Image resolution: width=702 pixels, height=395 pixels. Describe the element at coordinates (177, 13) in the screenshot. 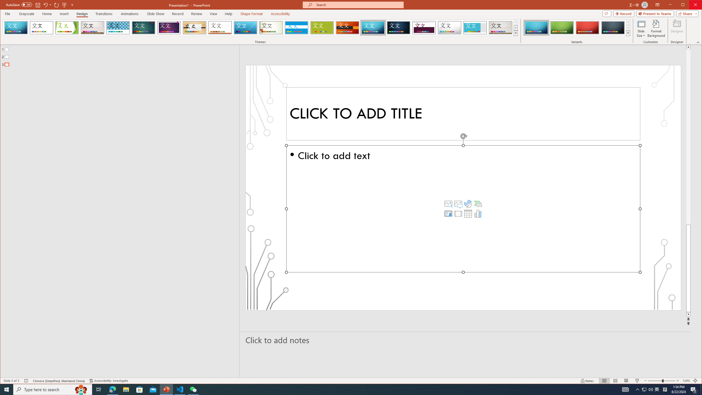

I see `'Record'` at that location.